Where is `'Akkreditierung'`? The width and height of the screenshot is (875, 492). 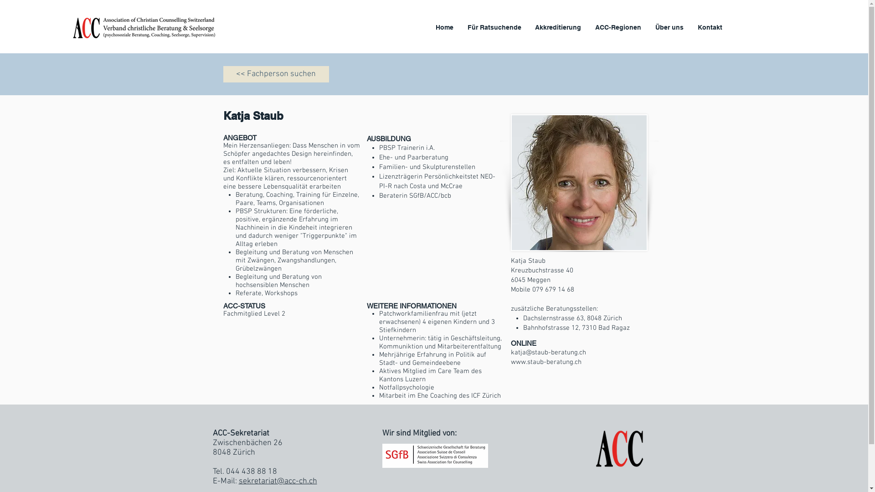
'Akkreditierung' is located at coordinates (557, 27).